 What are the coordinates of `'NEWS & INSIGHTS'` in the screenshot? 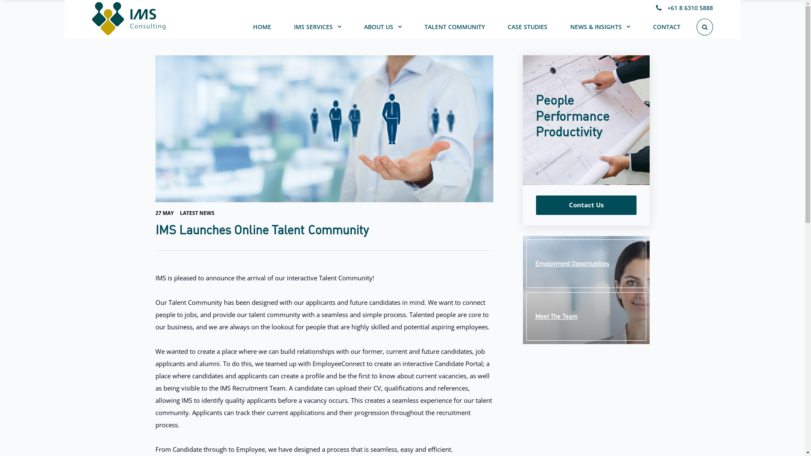 It's located at (599, 28).